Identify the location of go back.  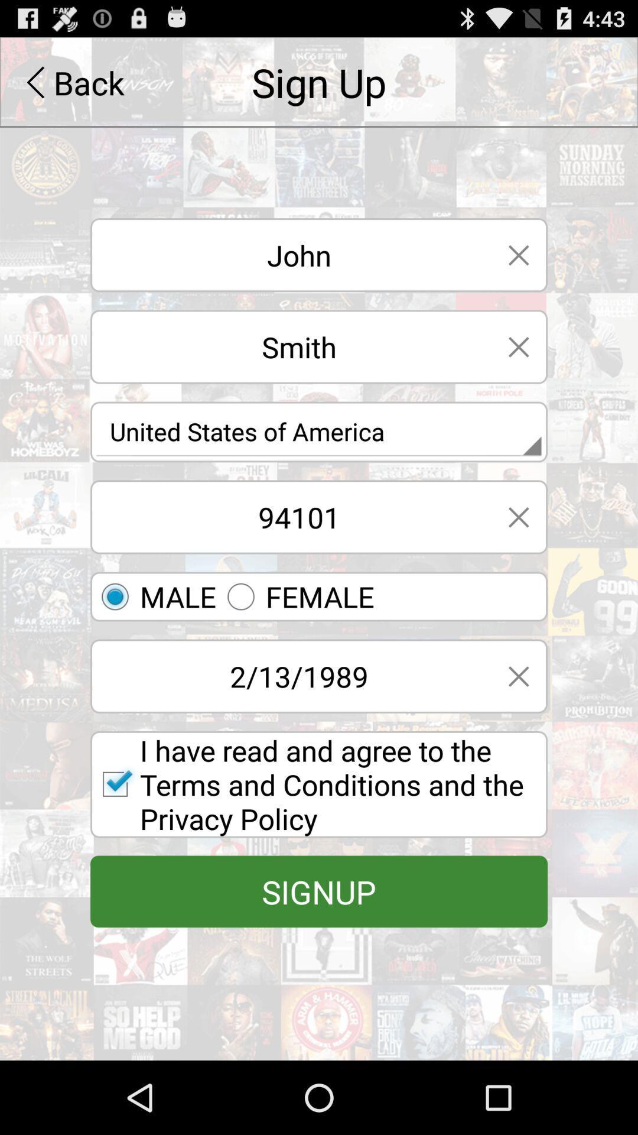
(518, 346).